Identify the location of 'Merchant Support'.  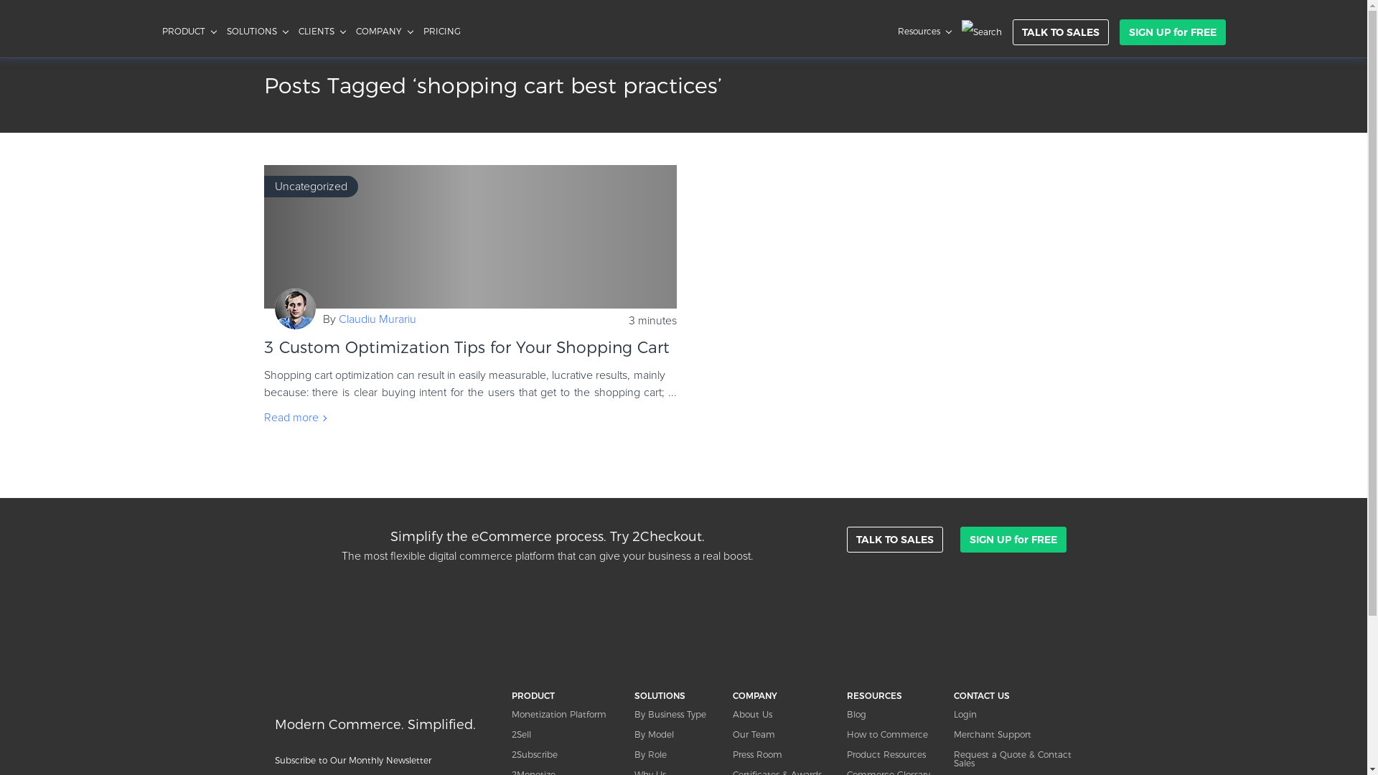
(954, 734).